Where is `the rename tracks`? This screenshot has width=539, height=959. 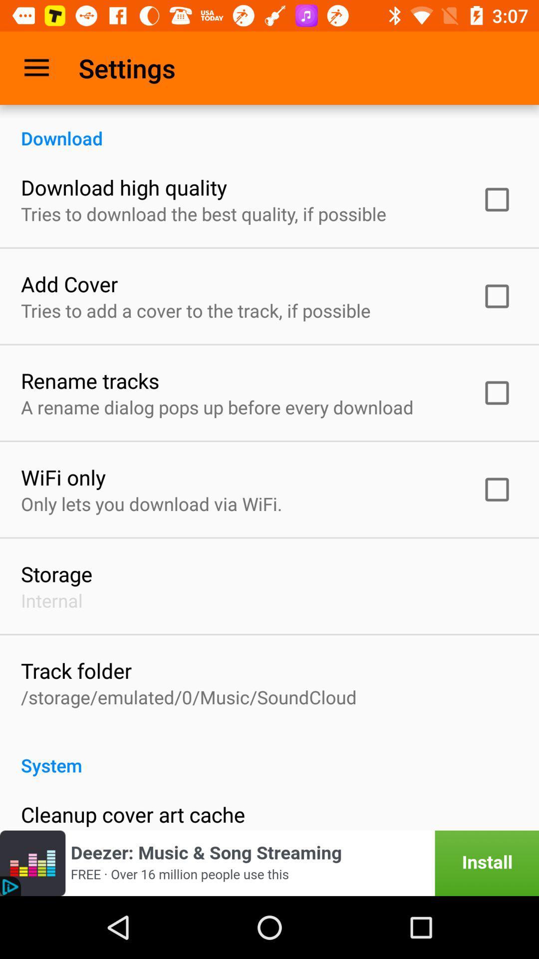
the rename tracks is located at coordinates (90, 380).